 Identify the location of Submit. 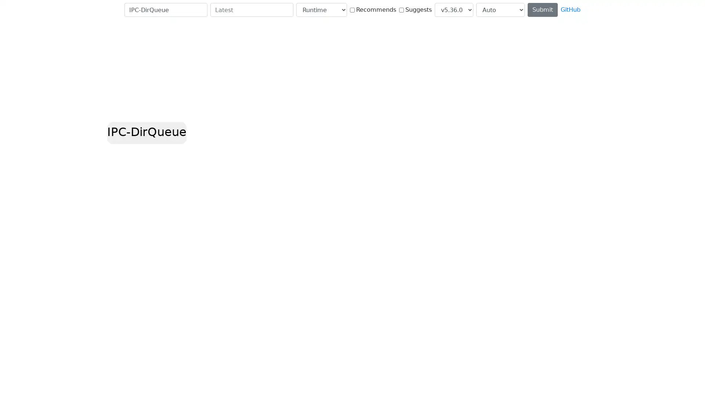
(543, 10).